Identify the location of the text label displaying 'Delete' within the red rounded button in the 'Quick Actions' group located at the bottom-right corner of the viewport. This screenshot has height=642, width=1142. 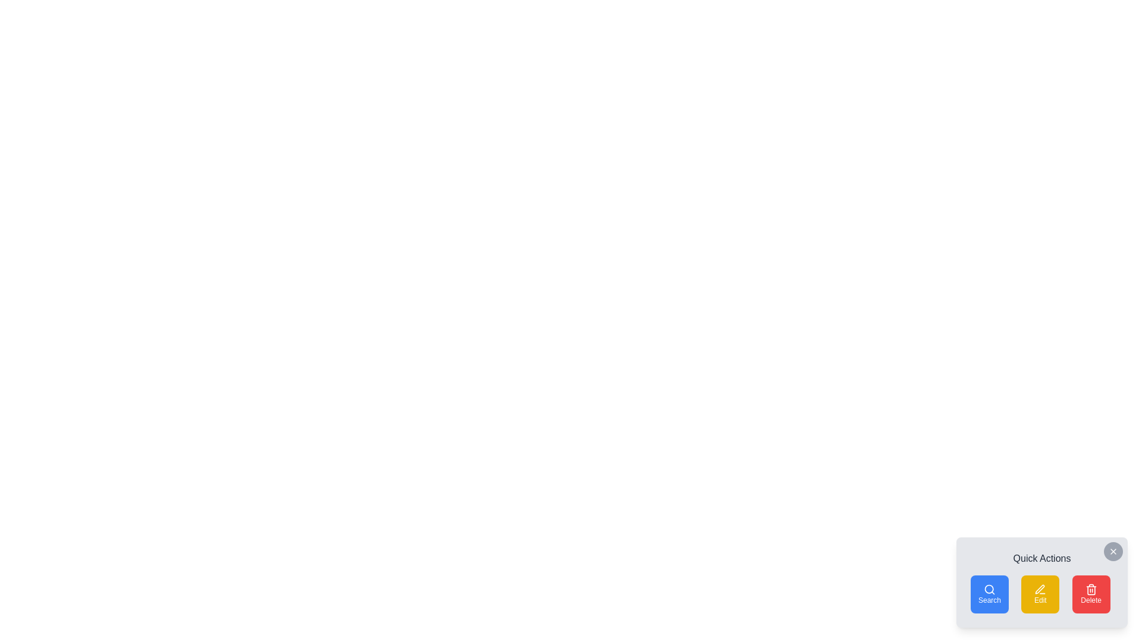
(1091, 600).